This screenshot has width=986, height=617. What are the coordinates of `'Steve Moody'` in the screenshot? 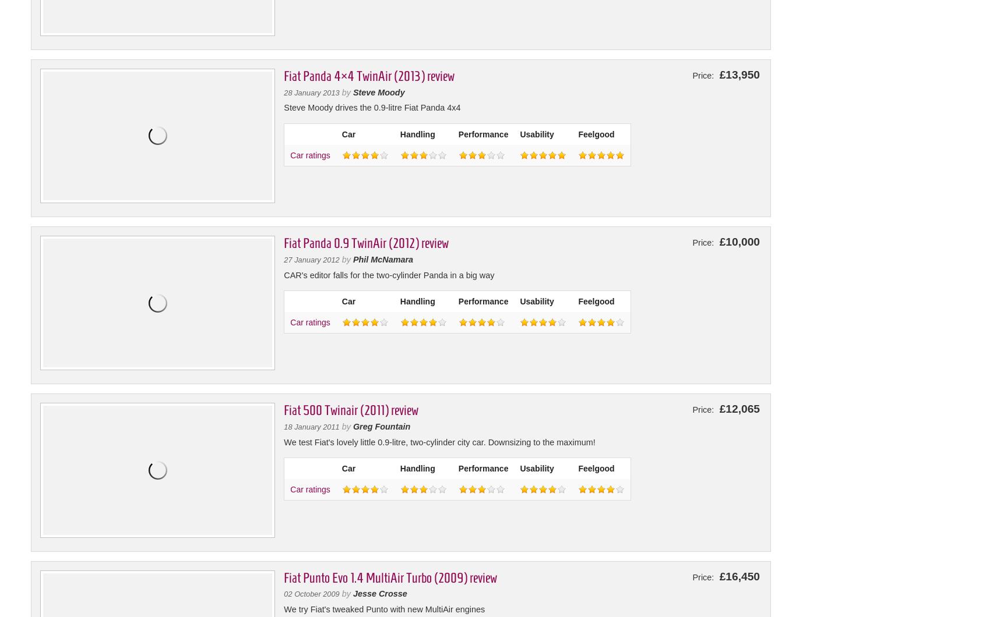 It's located at (378, 91).